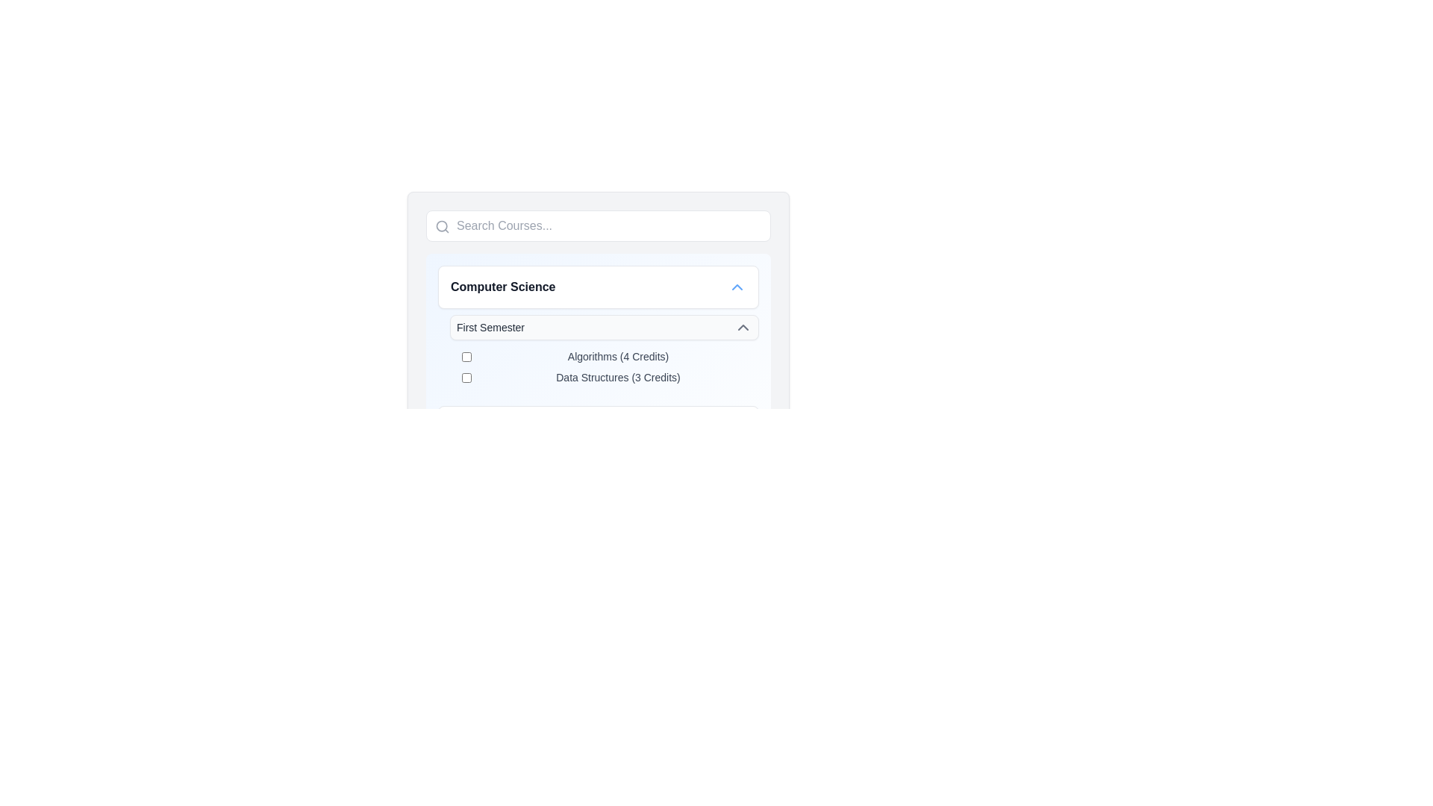 The image size is (1433, 806). What do you see at coordinates (466, 376) in the screenshot?
I see `the small square checkbox located to the left of the text 'Data Structures (3 Credits)' in the 'First Semester' section` at bounding box center [466, 376].